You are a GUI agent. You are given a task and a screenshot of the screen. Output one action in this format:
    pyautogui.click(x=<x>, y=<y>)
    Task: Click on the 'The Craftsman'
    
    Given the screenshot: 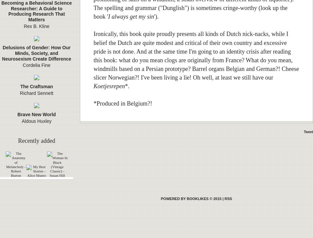 What is the action you would take?
    pyautogui.click(x=19, y=86)
    